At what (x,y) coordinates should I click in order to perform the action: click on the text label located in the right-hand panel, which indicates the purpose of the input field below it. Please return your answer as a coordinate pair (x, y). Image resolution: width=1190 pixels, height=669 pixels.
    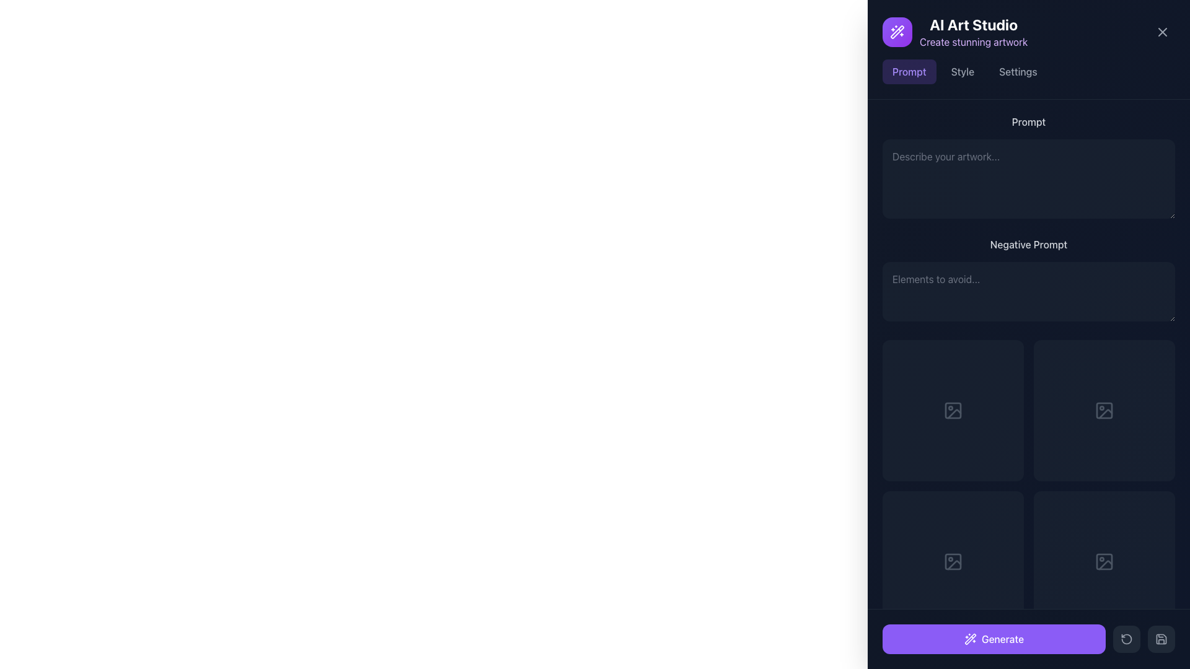
    Looking at the image, I should click on (1029, 244).